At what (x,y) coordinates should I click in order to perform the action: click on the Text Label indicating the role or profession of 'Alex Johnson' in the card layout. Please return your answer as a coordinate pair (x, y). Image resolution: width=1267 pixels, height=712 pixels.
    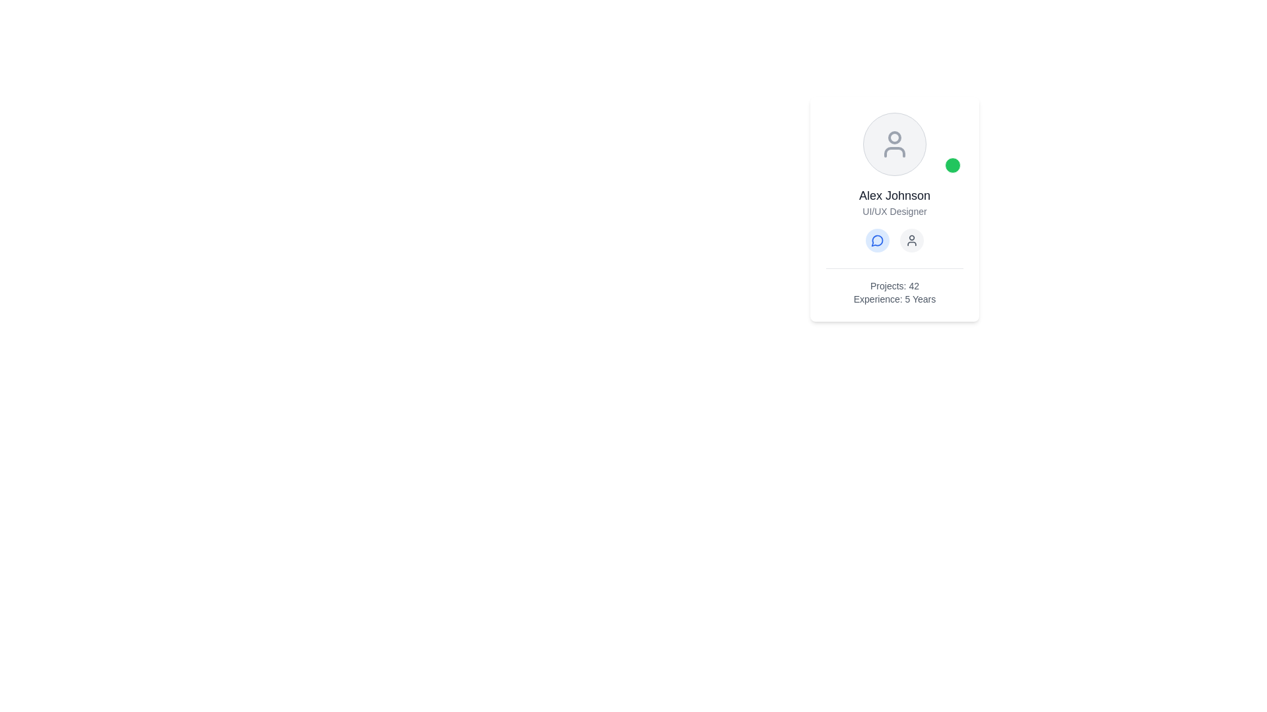
    Looking at the image, I should click on (895, 210).